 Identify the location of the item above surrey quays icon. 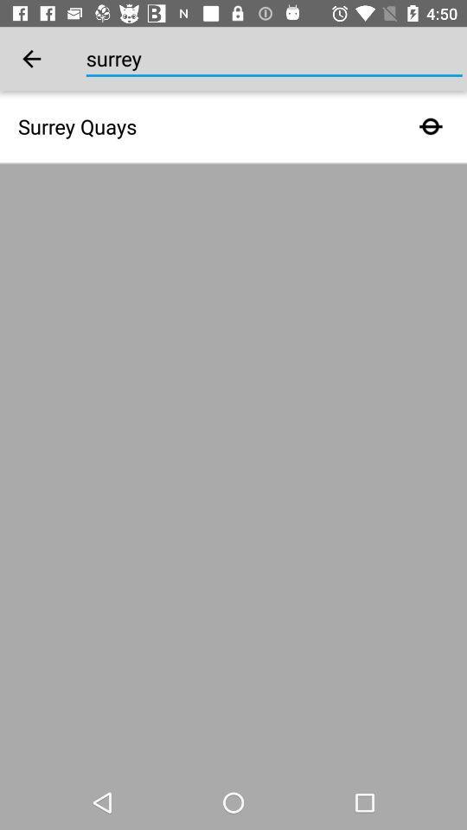
(31, 59).